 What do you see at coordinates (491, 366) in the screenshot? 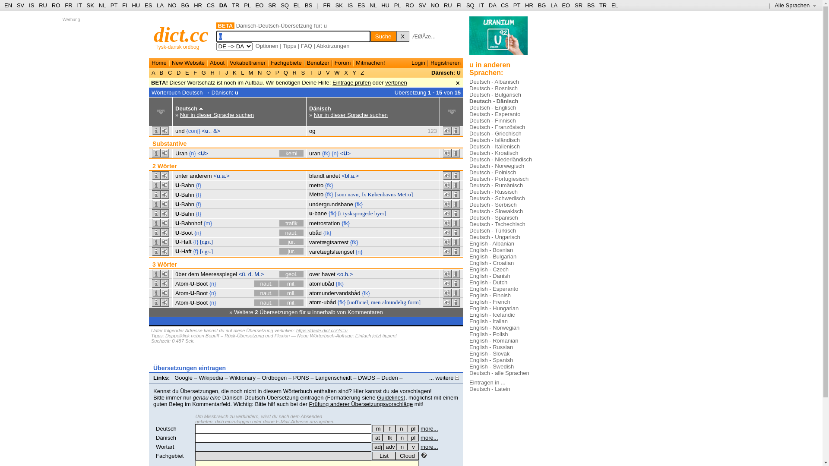
I see `'English - Swedish'` at bounding box center [491, 366].